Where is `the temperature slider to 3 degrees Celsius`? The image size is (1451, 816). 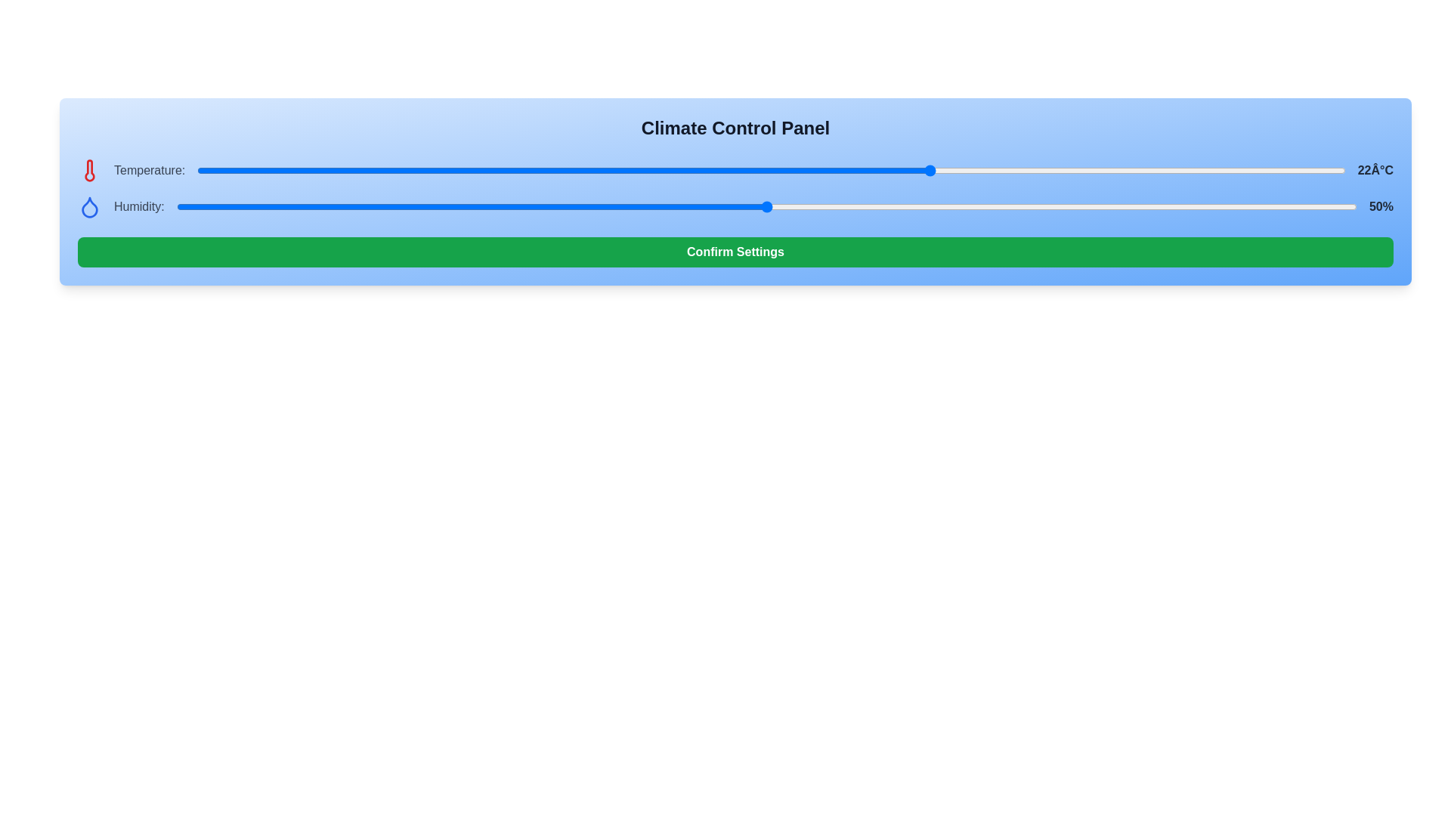 the temperature slider to 3 degrees Celsius is located at coordinates (495, 170).